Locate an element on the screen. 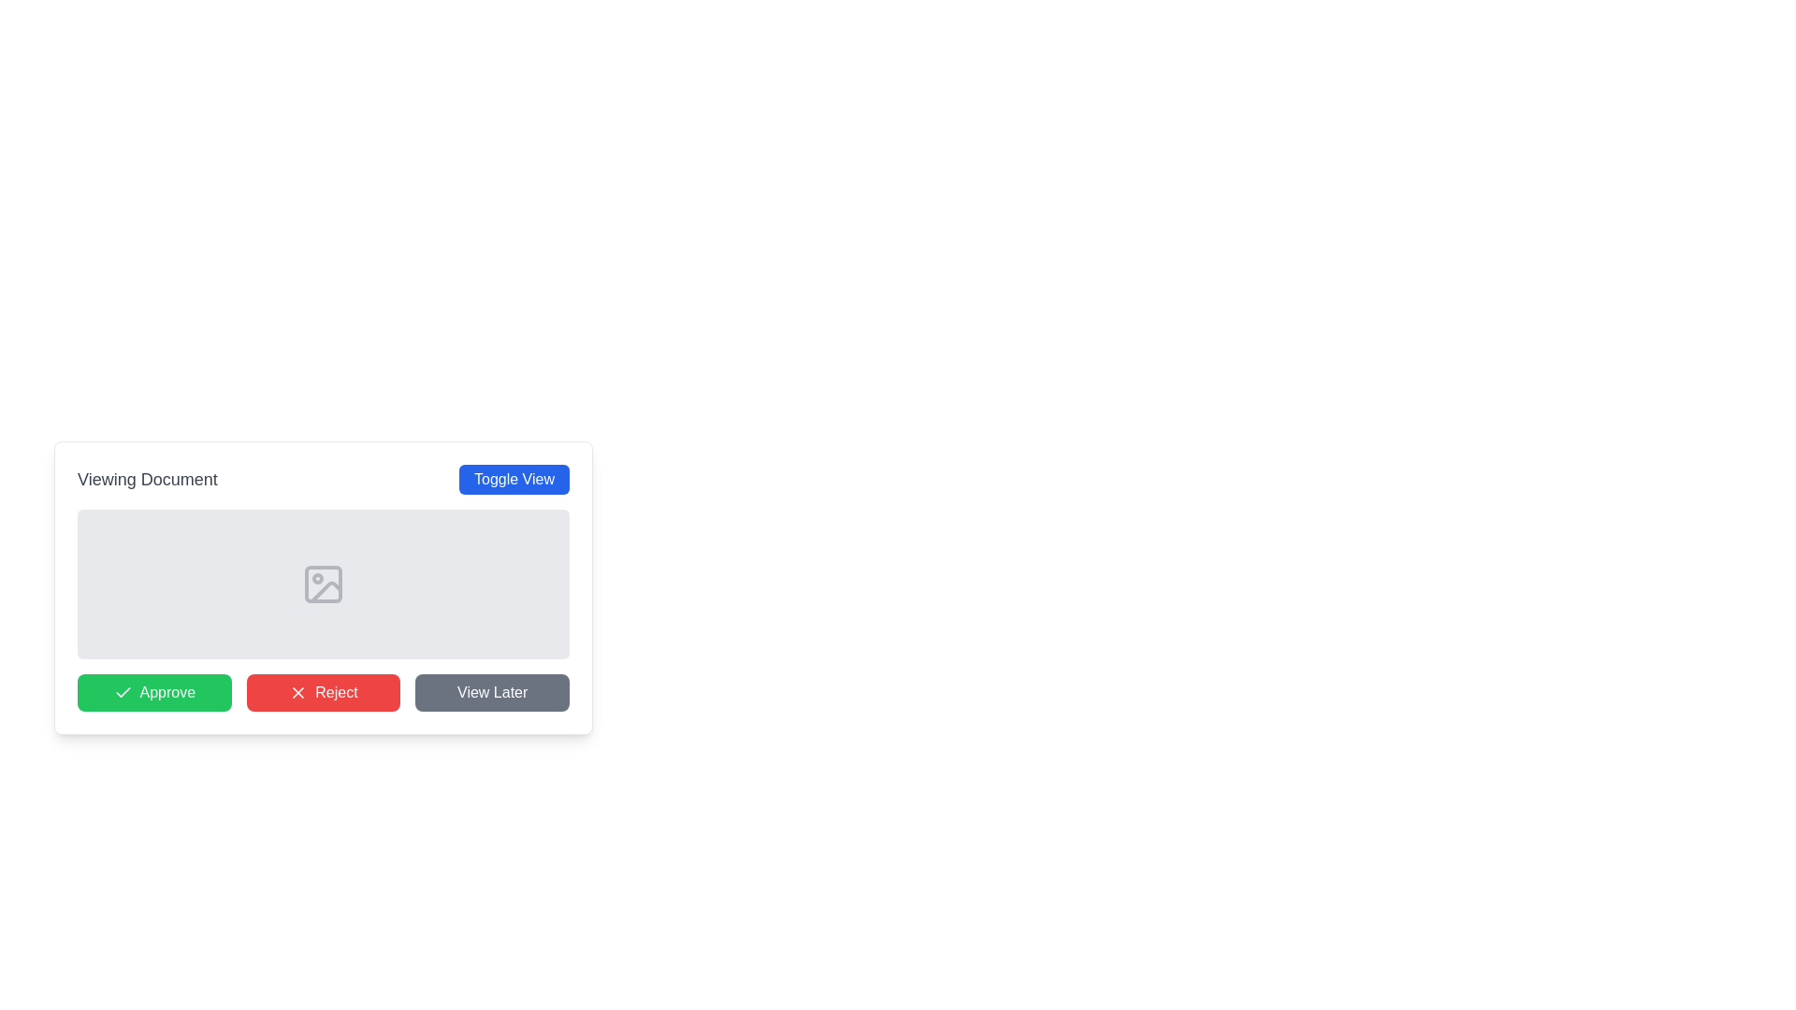 This screenshot has height=1010, width=1796. the button with a blue background that toggles the viewing mode of the document, located adjacent to the text 'Viewing Document' is located at coordinates (514, 479).